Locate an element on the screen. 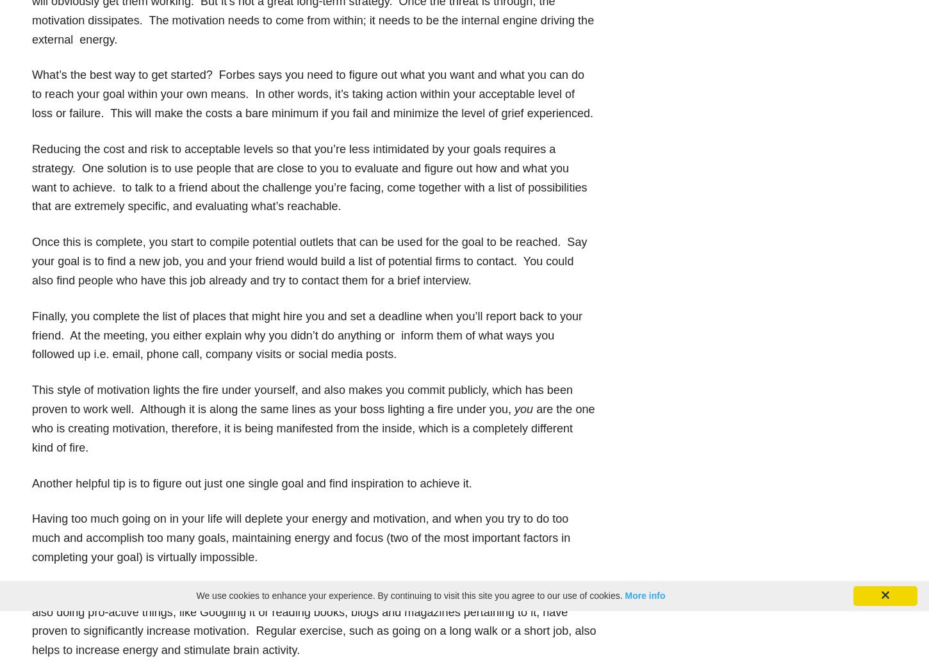  'Reducing the cost and risk to acceptable levels so that you’re less intimidated by your goals requires a strategy.  One solution is to use people that are close to you to evaluate and figure out how and what you want to achieve.  to talk to a friend about the challenge you’re facing, come together with a list of possibilities that are extremely specific, and evaluating what’s reachable.' is located at coordinates (308, 177).